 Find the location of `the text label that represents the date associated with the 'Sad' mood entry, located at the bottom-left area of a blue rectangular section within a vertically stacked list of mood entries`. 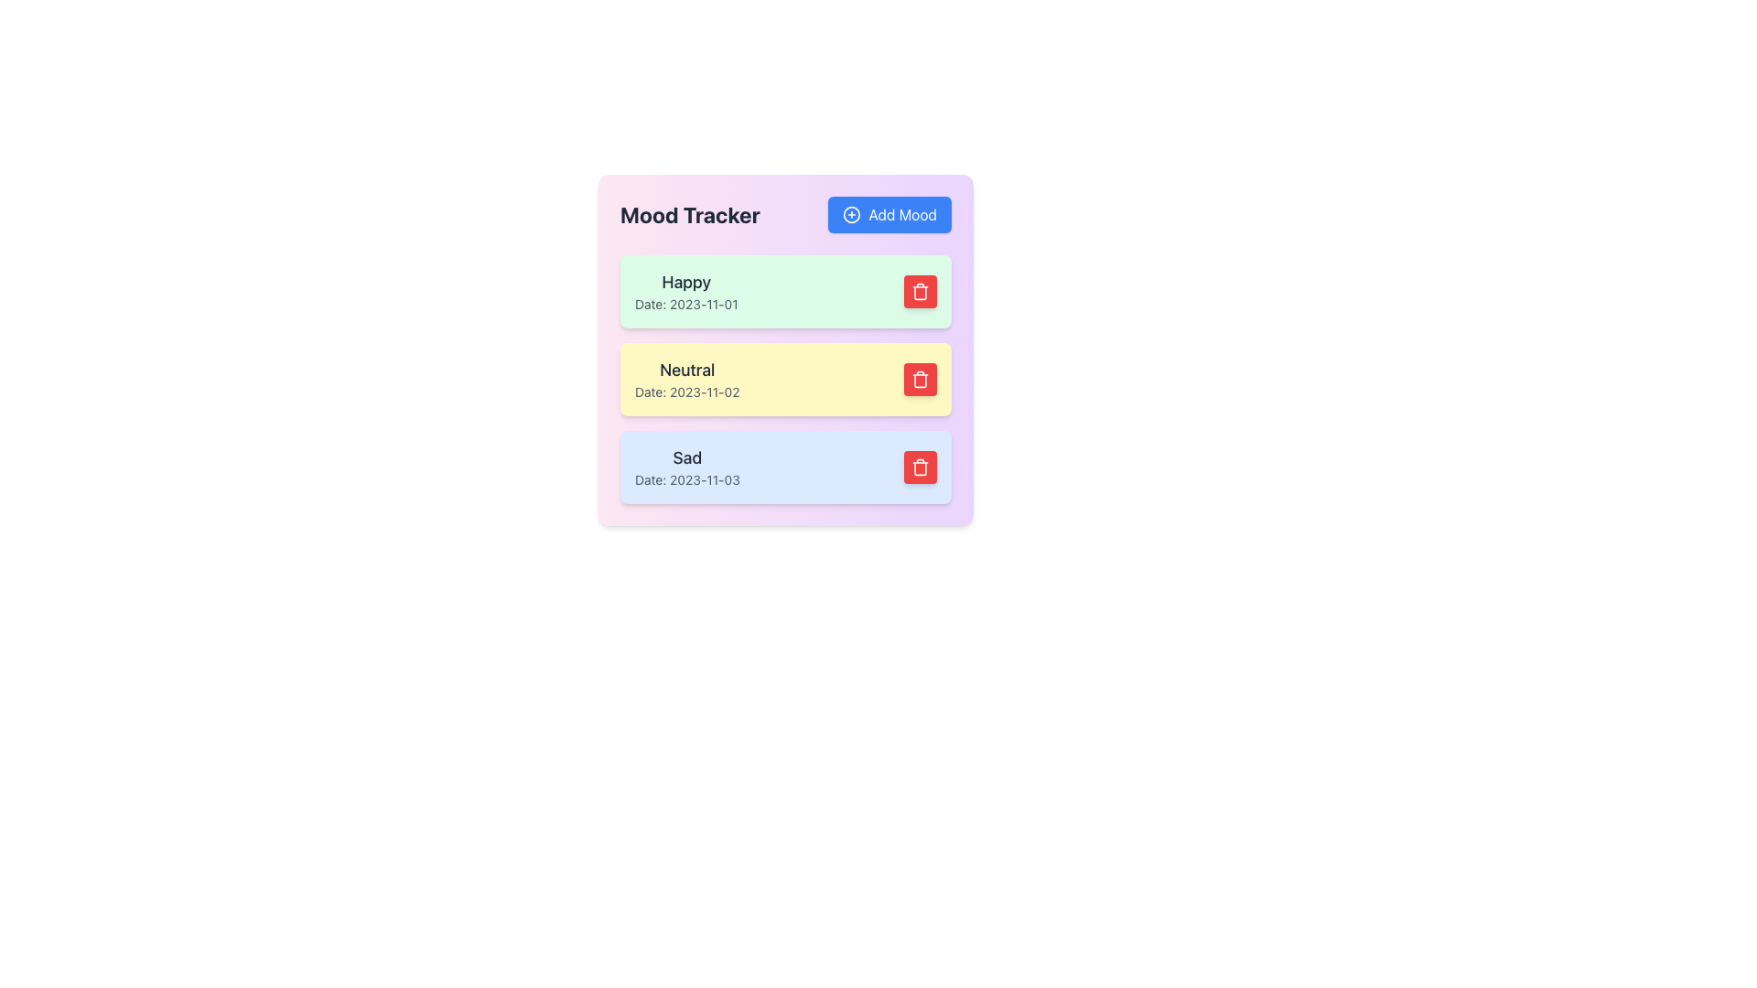

the text label that represents the date associated with the 'Sad' mood entry, located at the bottom-left area of a blue rectangular section within a vertically stacked list of mood entries is located at coordinates (686, 478).